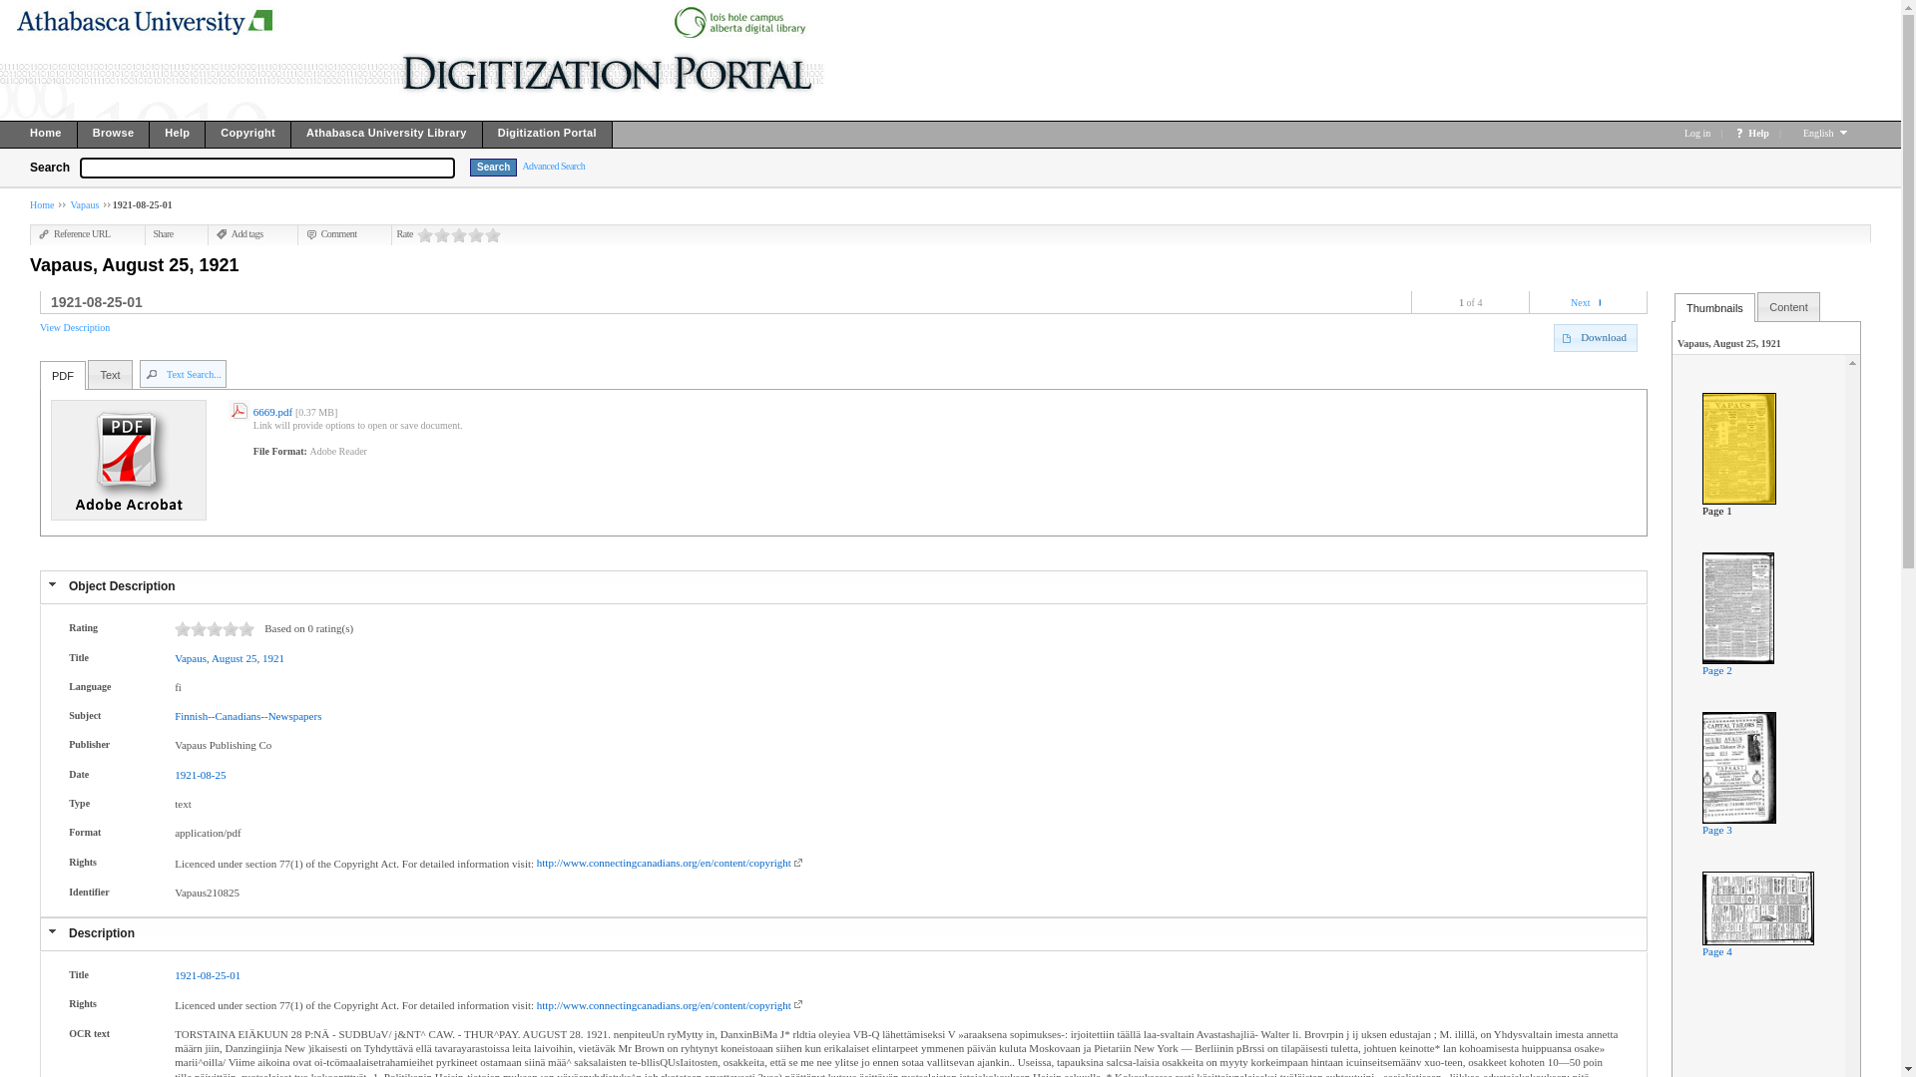 This screenshot has height=1077, width=1916. I want to click on 'Copyright', so click(247, 136).